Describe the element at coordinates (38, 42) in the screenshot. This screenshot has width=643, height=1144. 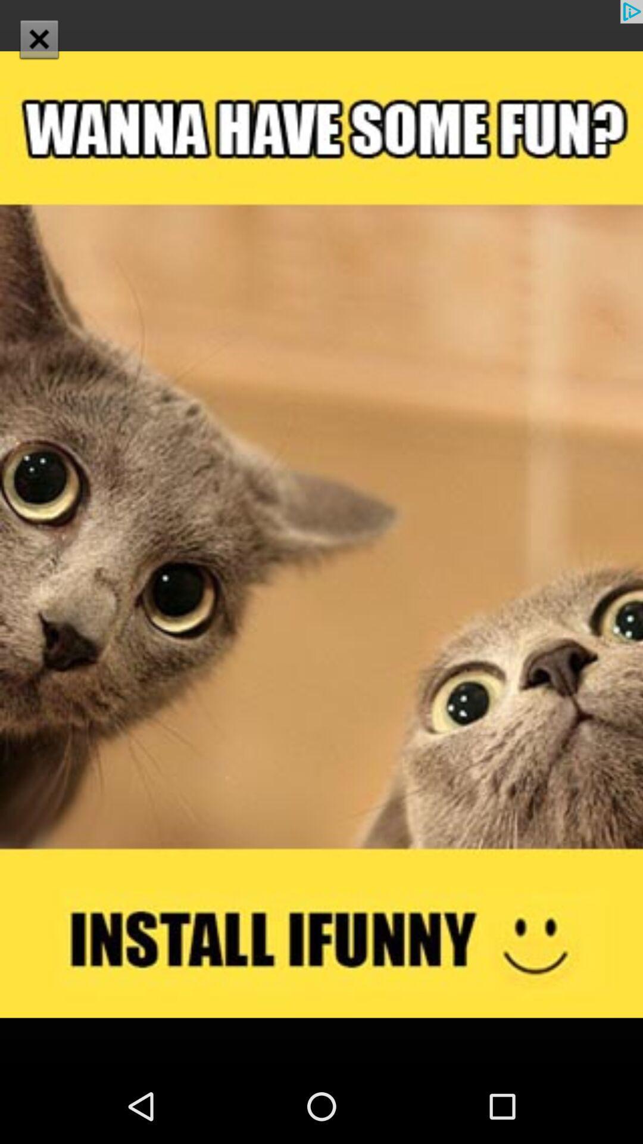
I see `the close icon` at that location.